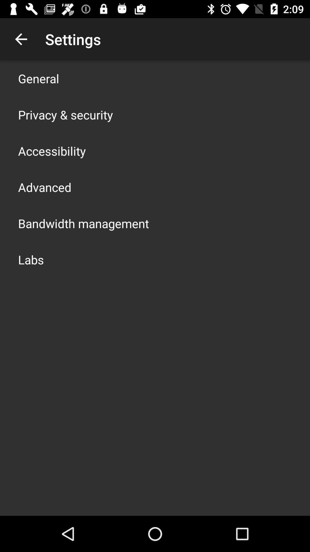 This screenshot has width=310, height=552. I want to click on the privacy & security, so click(65, 114).